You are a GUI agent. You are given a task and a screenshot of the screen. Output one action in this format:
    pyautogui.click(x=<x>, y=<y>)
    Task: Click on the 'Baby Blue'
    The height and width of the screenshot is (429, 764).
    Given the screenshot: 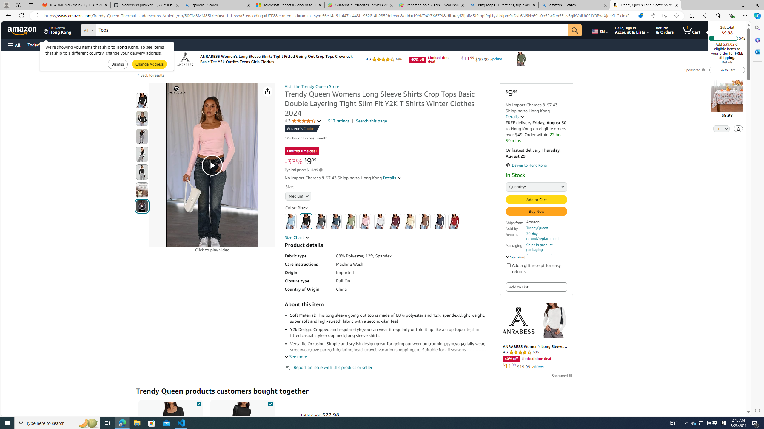 What is the action you would take?
    pyautogui.click(x=291, y=221)
    